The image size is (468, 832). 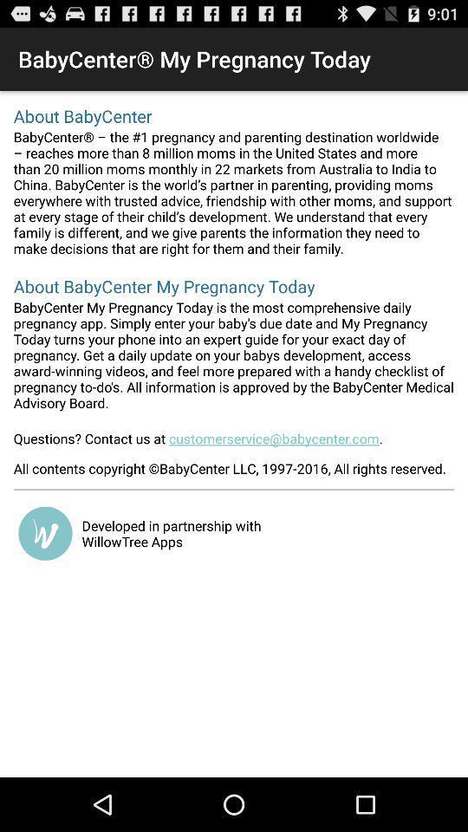 I want to click on the icon below babycenter my pregnancy app, so click(x=234, y=443).